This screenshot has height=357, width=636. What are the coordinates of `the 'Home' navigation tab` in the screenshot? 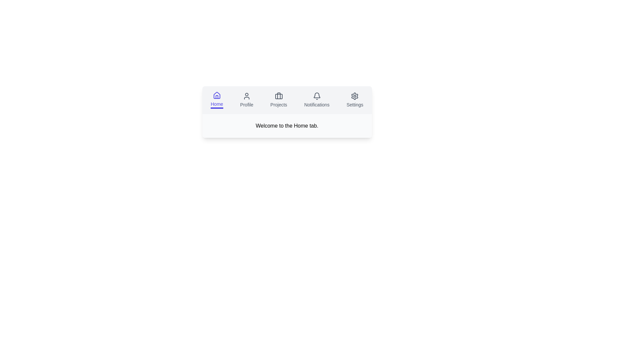 It's located at (217, 100).